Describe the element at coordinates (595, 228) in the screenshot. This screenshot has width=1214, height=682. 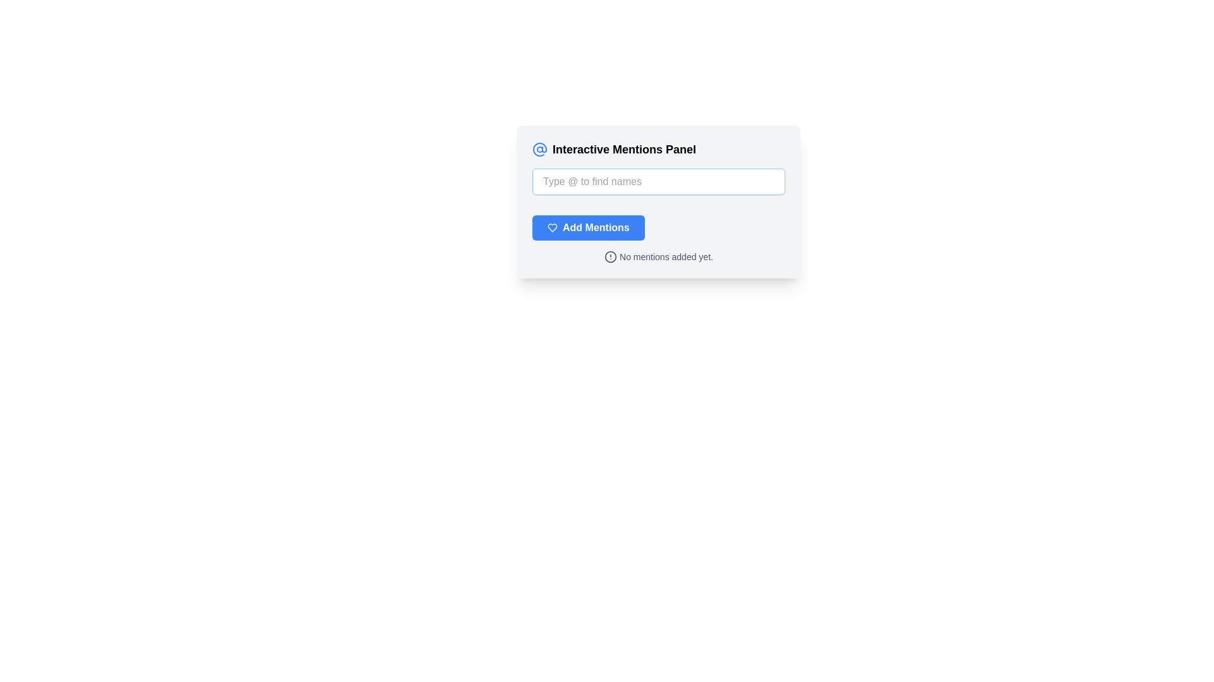
I see `the blue rectangular button with rounded edges that contains the text label for adding mentions, which is positioned to the right of a heart-shaped icon` at that location.